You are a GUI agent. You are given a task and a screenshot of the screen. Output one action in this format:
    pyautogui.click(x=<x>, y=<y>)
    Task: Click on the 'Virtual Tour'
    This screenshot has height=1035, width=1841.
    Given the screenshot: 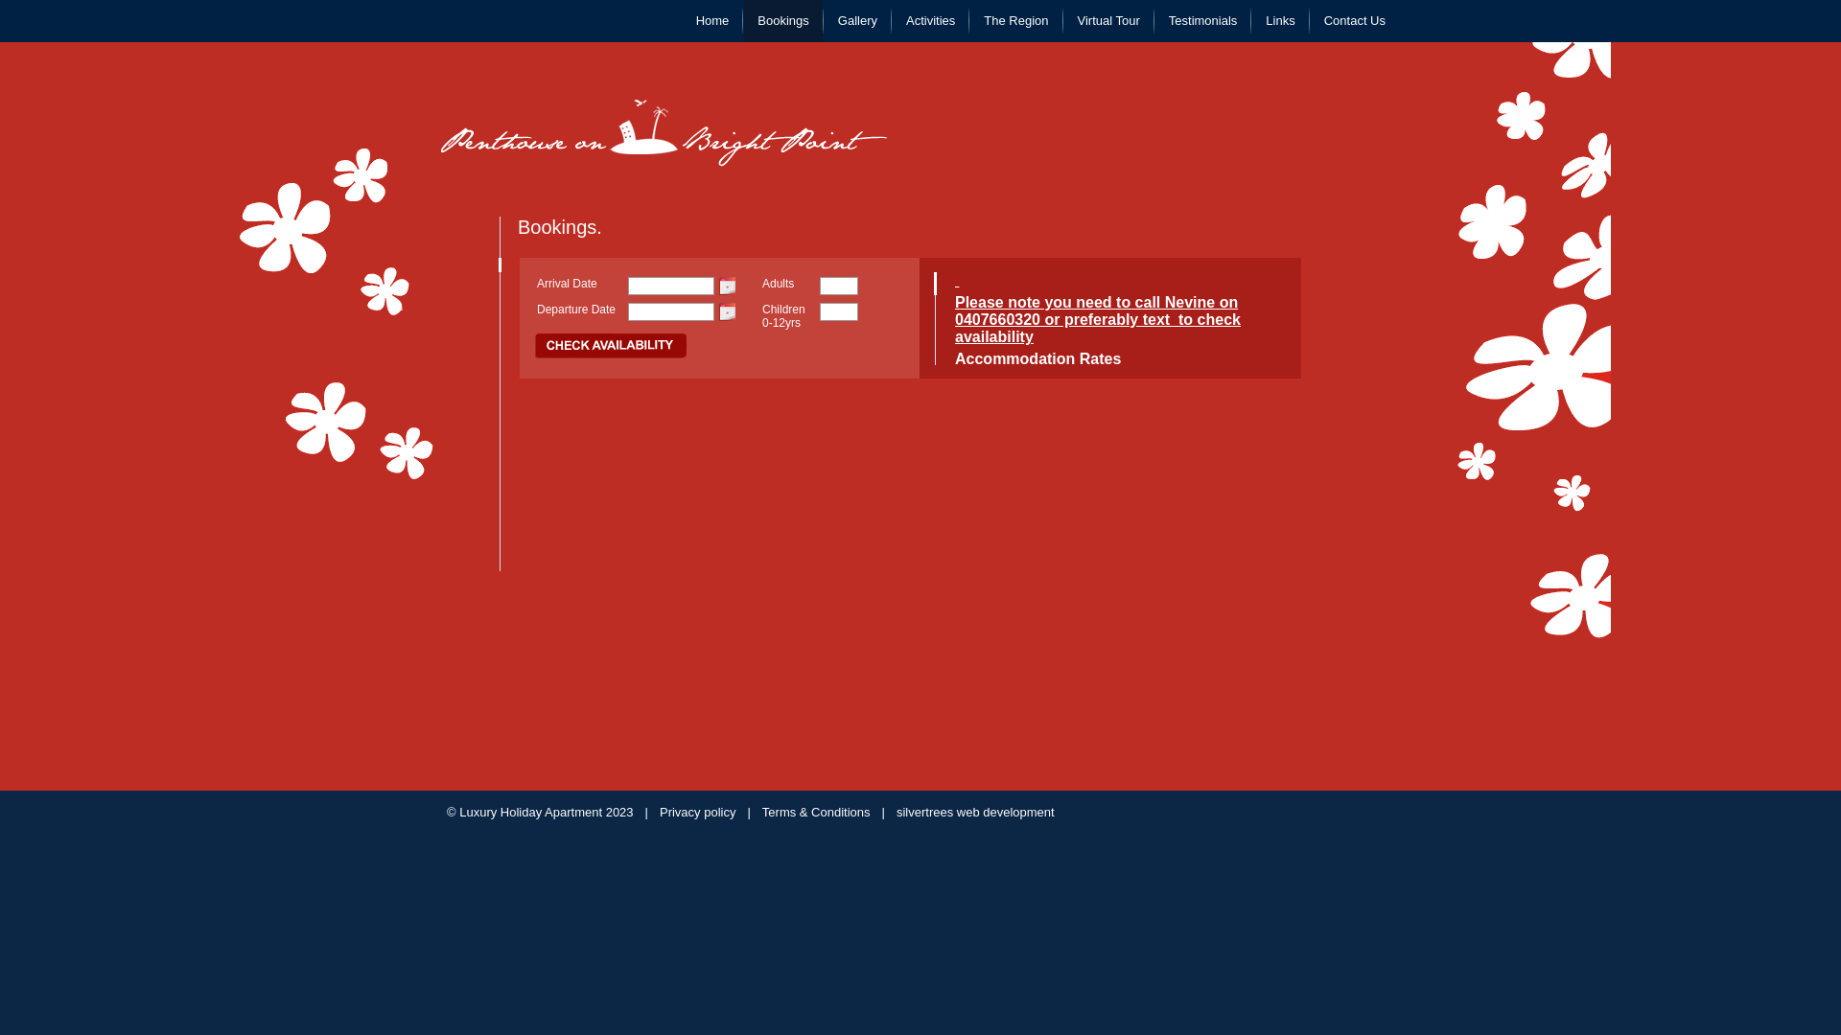 What is the action you would take?
    pyautogui.click(x=1108, y=21)
    